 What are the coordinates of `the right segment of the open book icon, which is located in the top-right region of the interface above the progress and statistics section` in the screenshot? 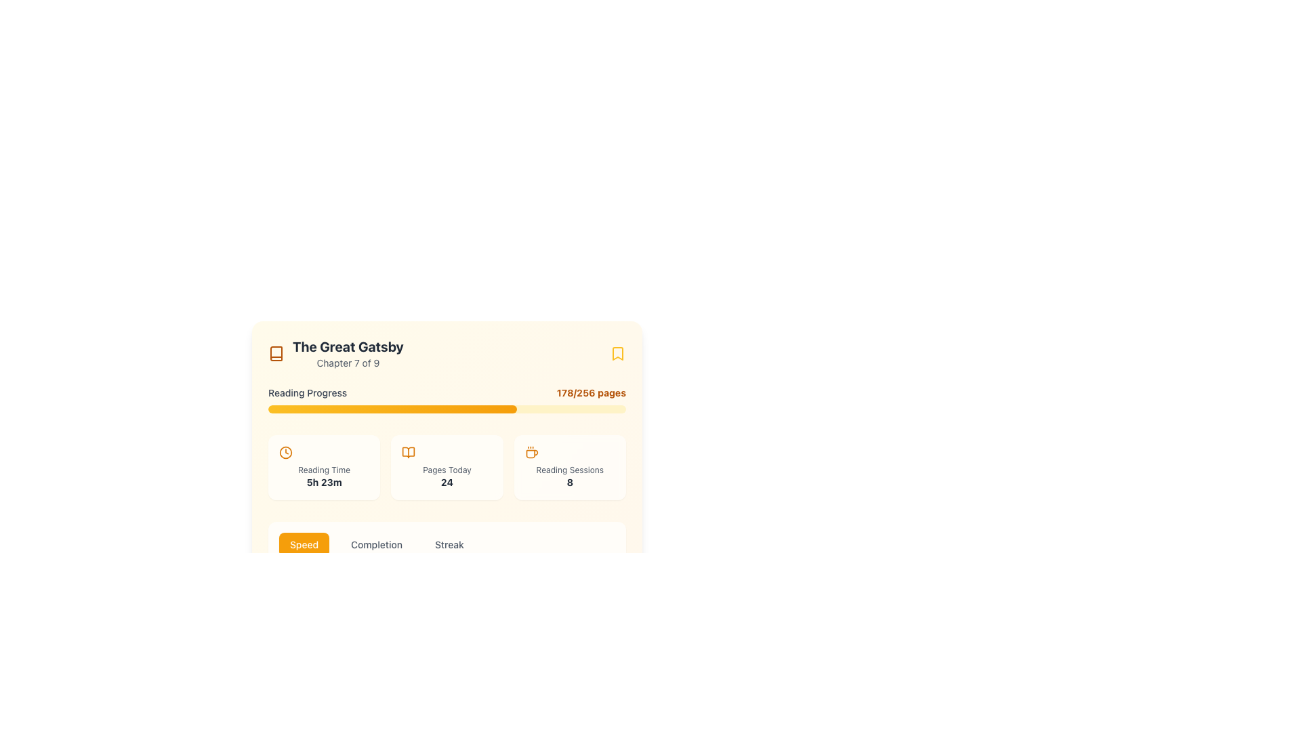 It's located at (408, 452).